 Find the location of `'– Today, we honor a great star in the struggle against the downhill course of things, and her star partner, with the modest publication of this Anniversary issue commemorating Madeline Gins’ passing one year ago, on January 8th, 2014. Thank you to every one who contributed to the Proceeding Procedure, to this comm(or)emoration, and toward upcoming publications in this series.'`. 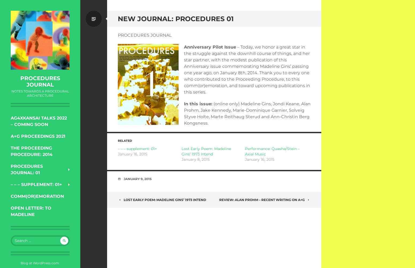

'– Today, we honor a great star in the struggle against the downhill course of things, and her star partner, with the modest publication of this Anniversary issue commemorating Madeline Gins’ passing one year ago, on January 8th, 2014. Thank you to every one who contributed to the Proceeding Procedure, to this comm(or)emoration, and toward upcoming publications in this series.' is located at coordinates (247, 69).